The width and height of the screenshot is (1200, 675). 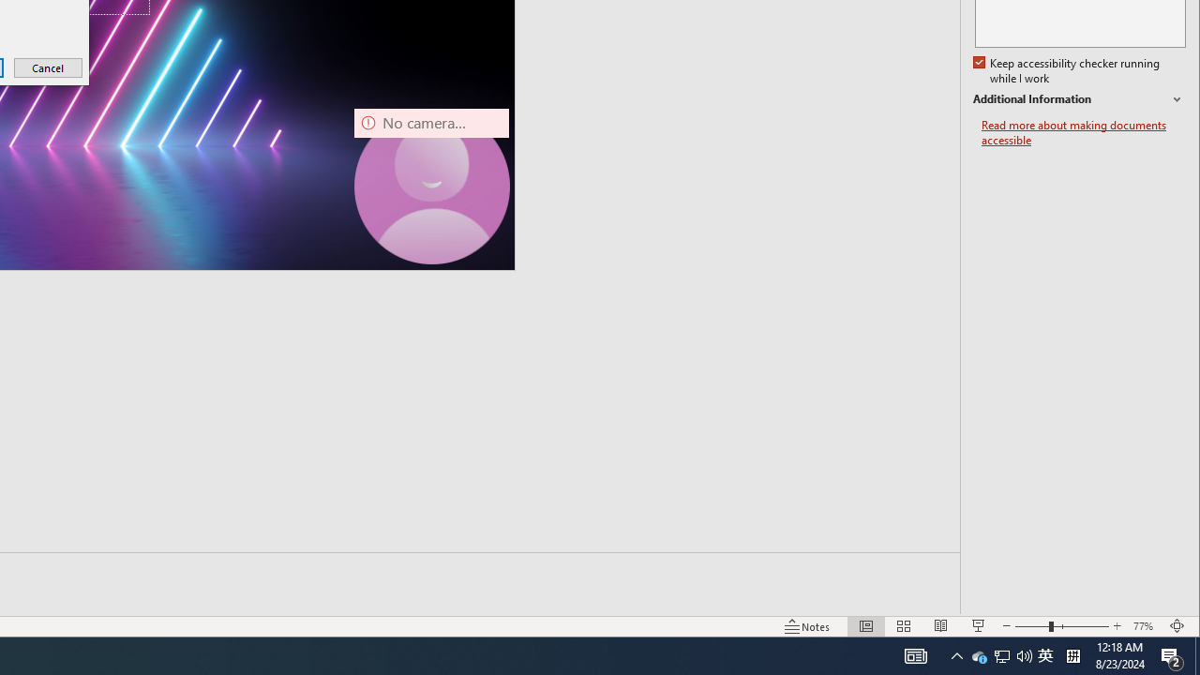 What do you see at coordinates (430, 186) in the screenshot?
I see `'Camera 7, No camera detected.'` at bounding box center [430, 186].